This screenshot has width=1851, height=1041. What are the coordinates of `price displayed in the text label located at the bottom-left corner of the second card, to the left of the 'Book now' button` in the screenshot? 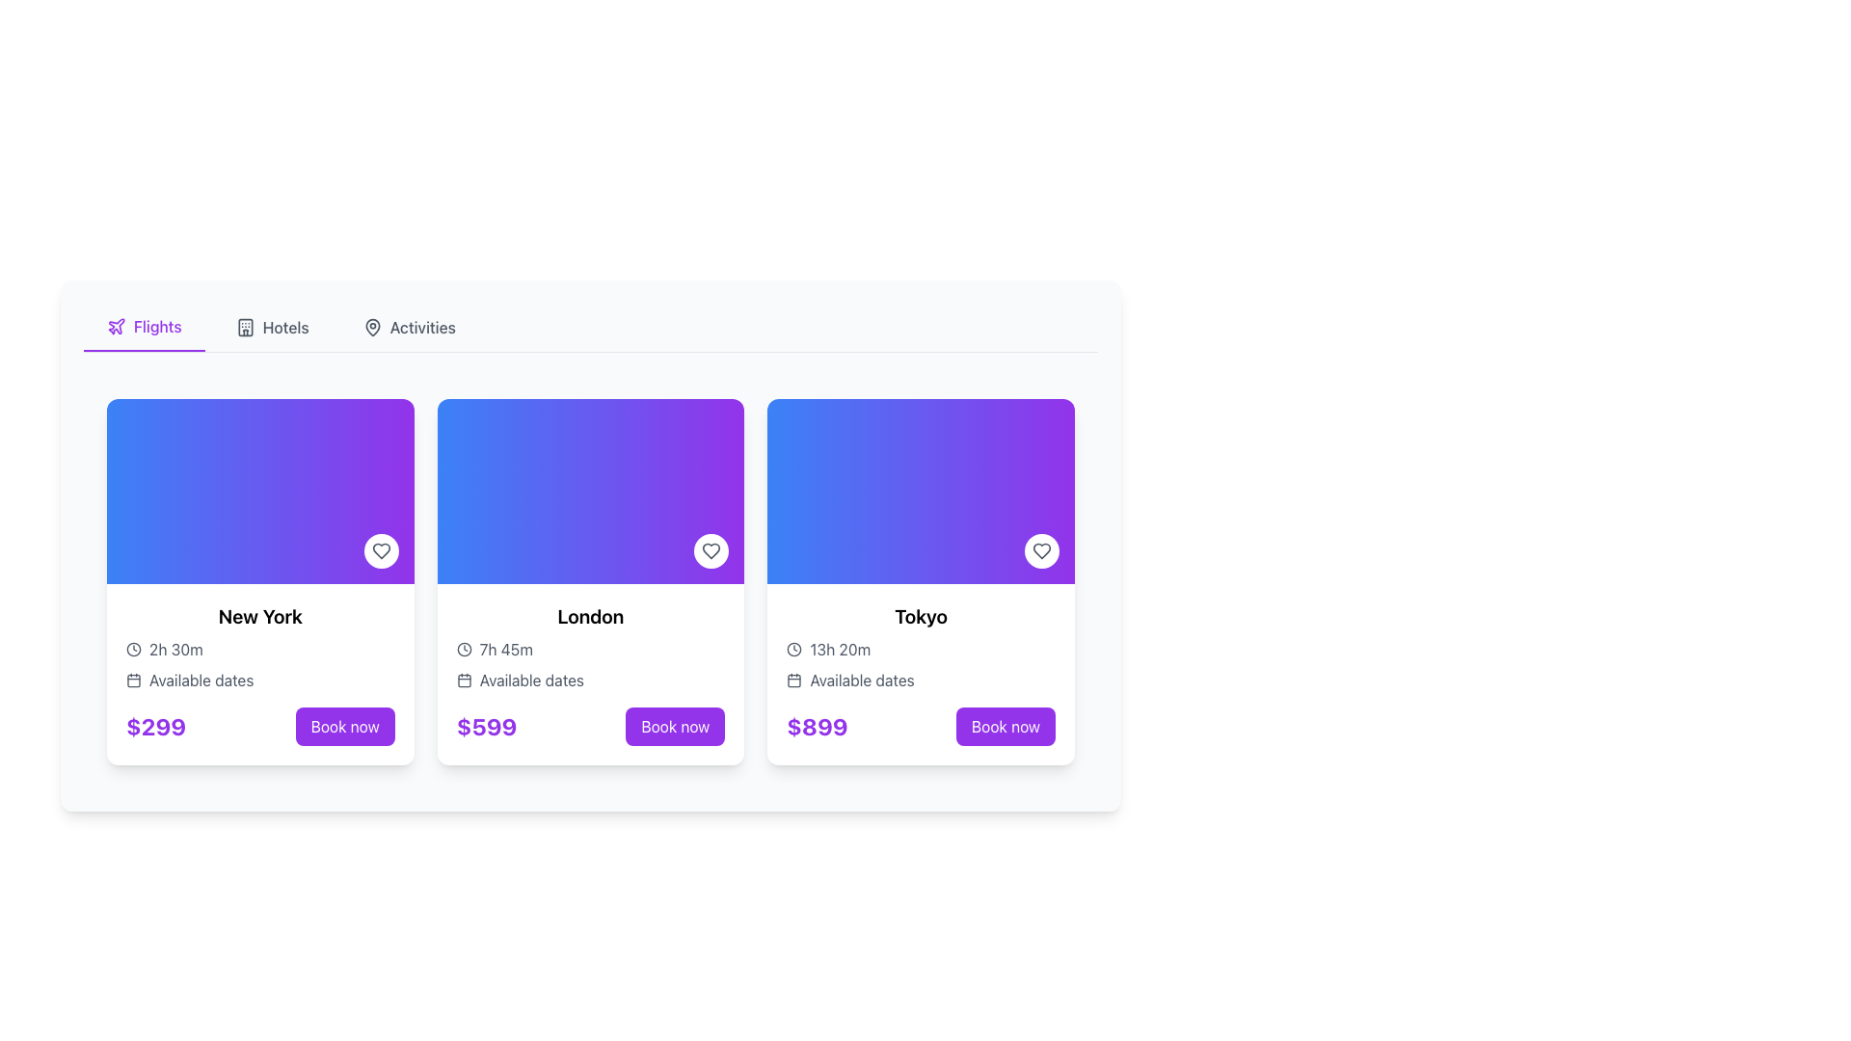 It's located at (486, 726).